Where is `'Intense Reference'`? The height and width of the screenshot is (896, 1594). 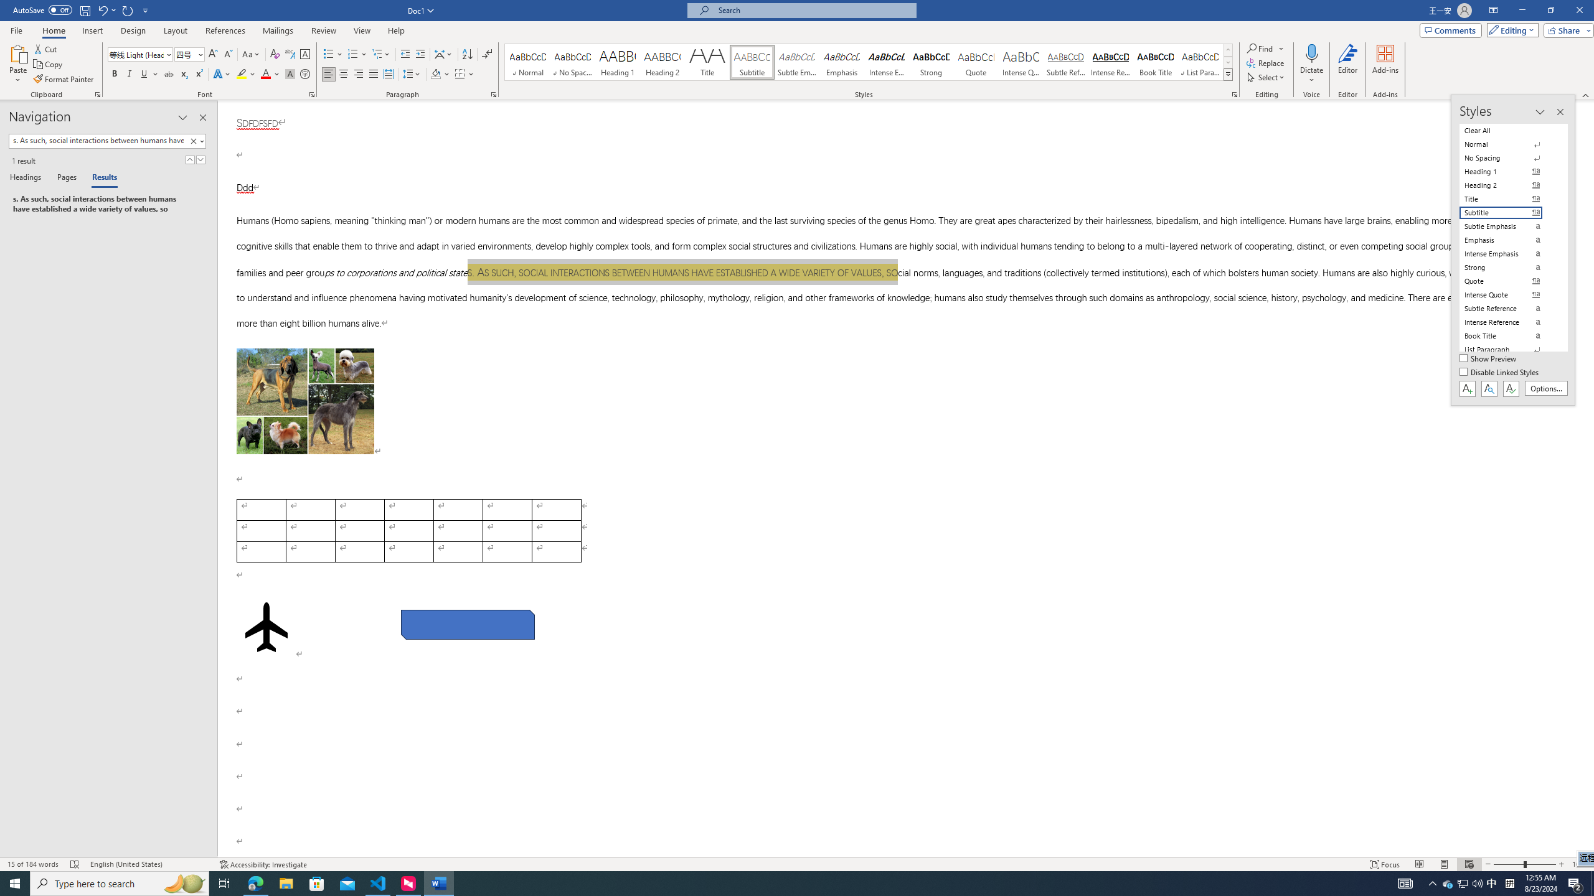
'Intense Reference' is located at coordinates (1111, 62).